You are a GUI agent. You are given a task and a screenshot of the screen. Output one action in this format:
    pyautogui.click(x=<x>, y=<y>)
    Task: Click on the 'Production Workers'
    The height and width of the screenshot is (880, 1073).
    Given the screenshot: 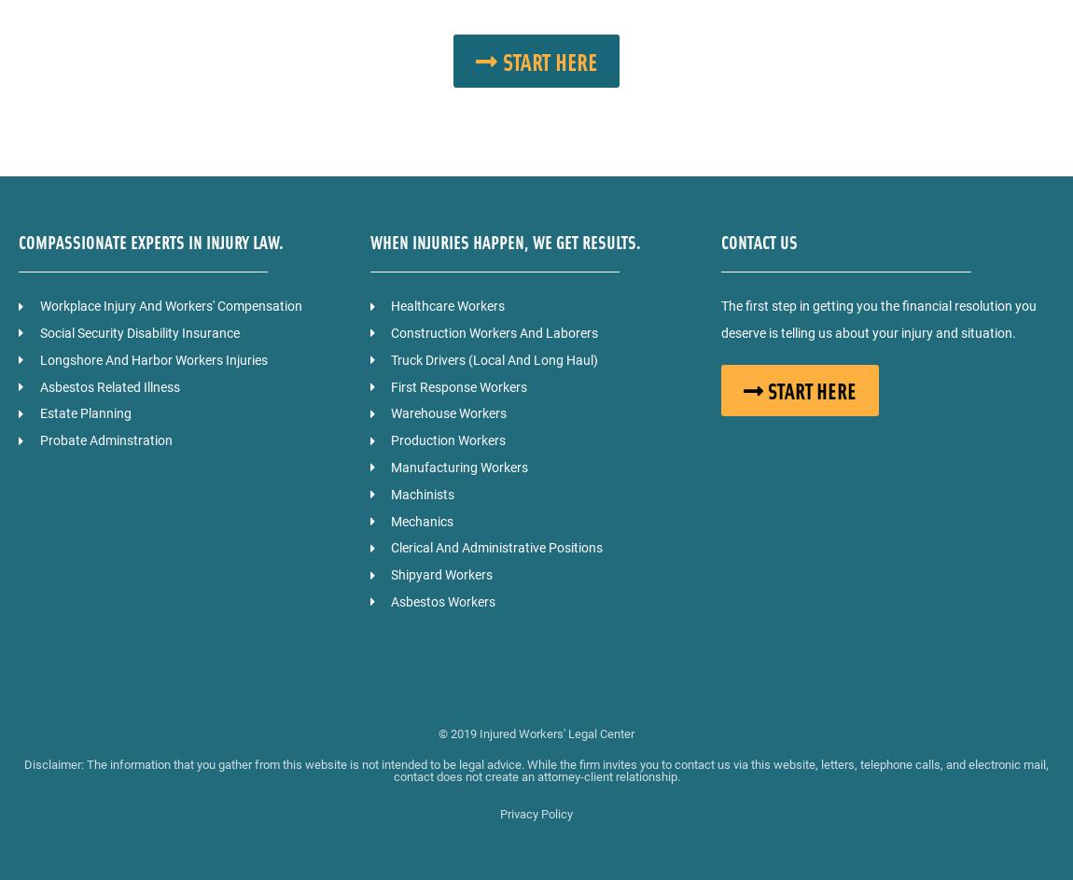 What is the action you would take?
    pyautogui.click(x=390, y=440)
    